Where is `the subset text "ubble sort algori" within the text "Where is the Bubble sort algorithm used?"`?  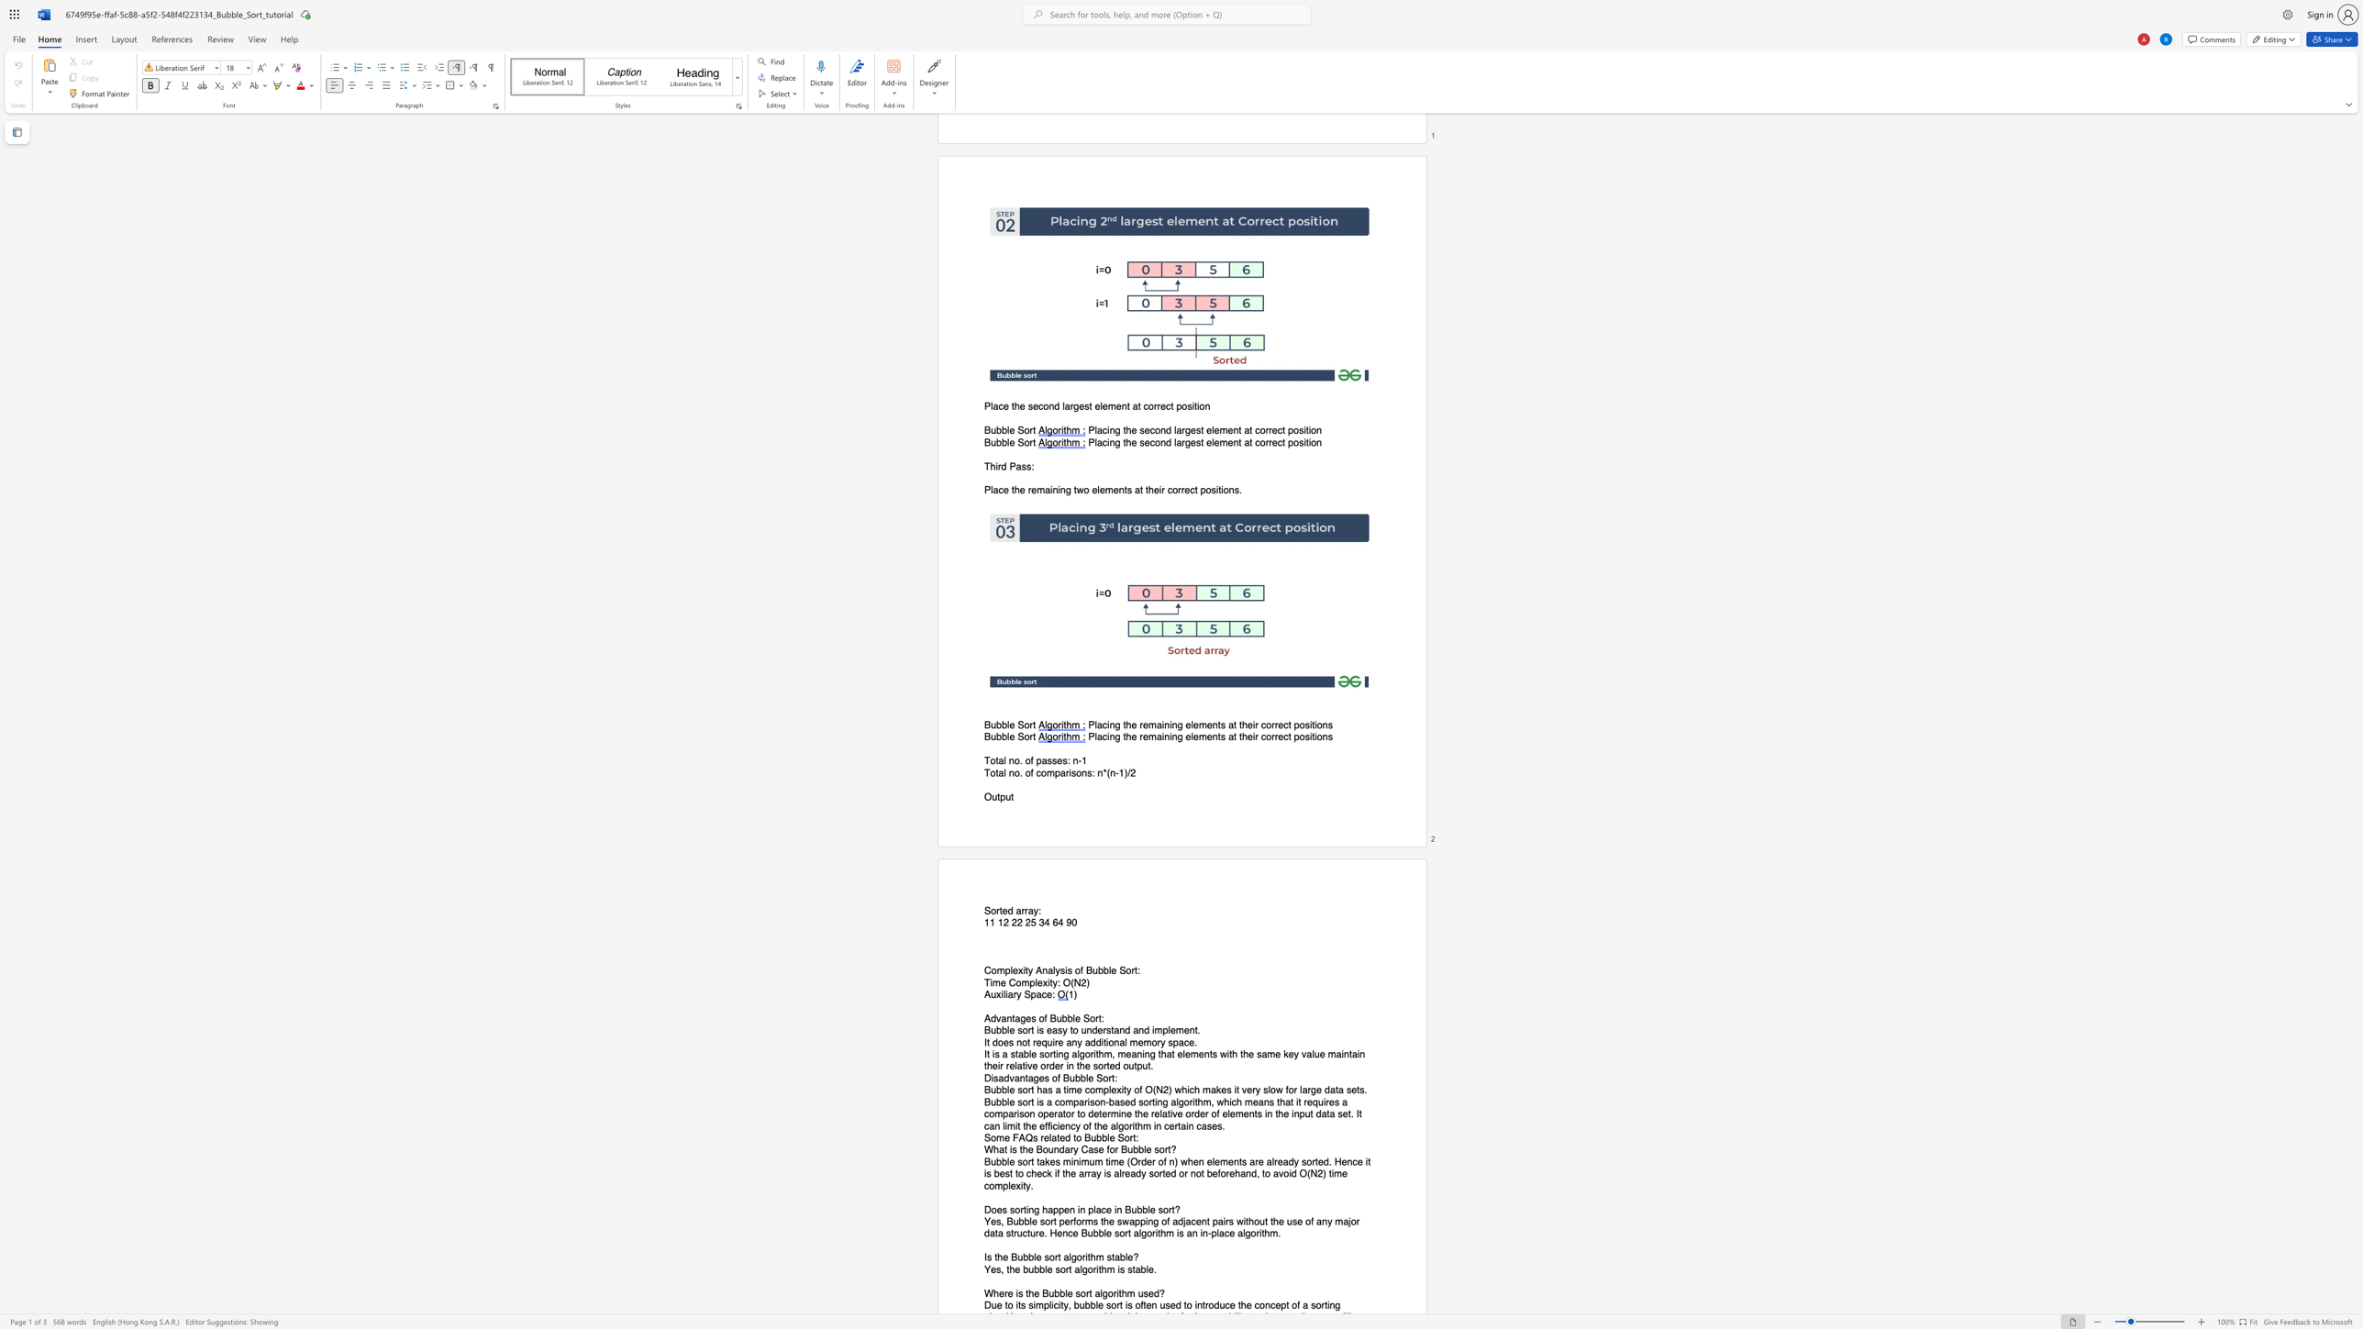 the subset text "ubble sort algori" within the text "Where is the Bubble sort algorithm used?" is located at coordinates (1048, 1292).